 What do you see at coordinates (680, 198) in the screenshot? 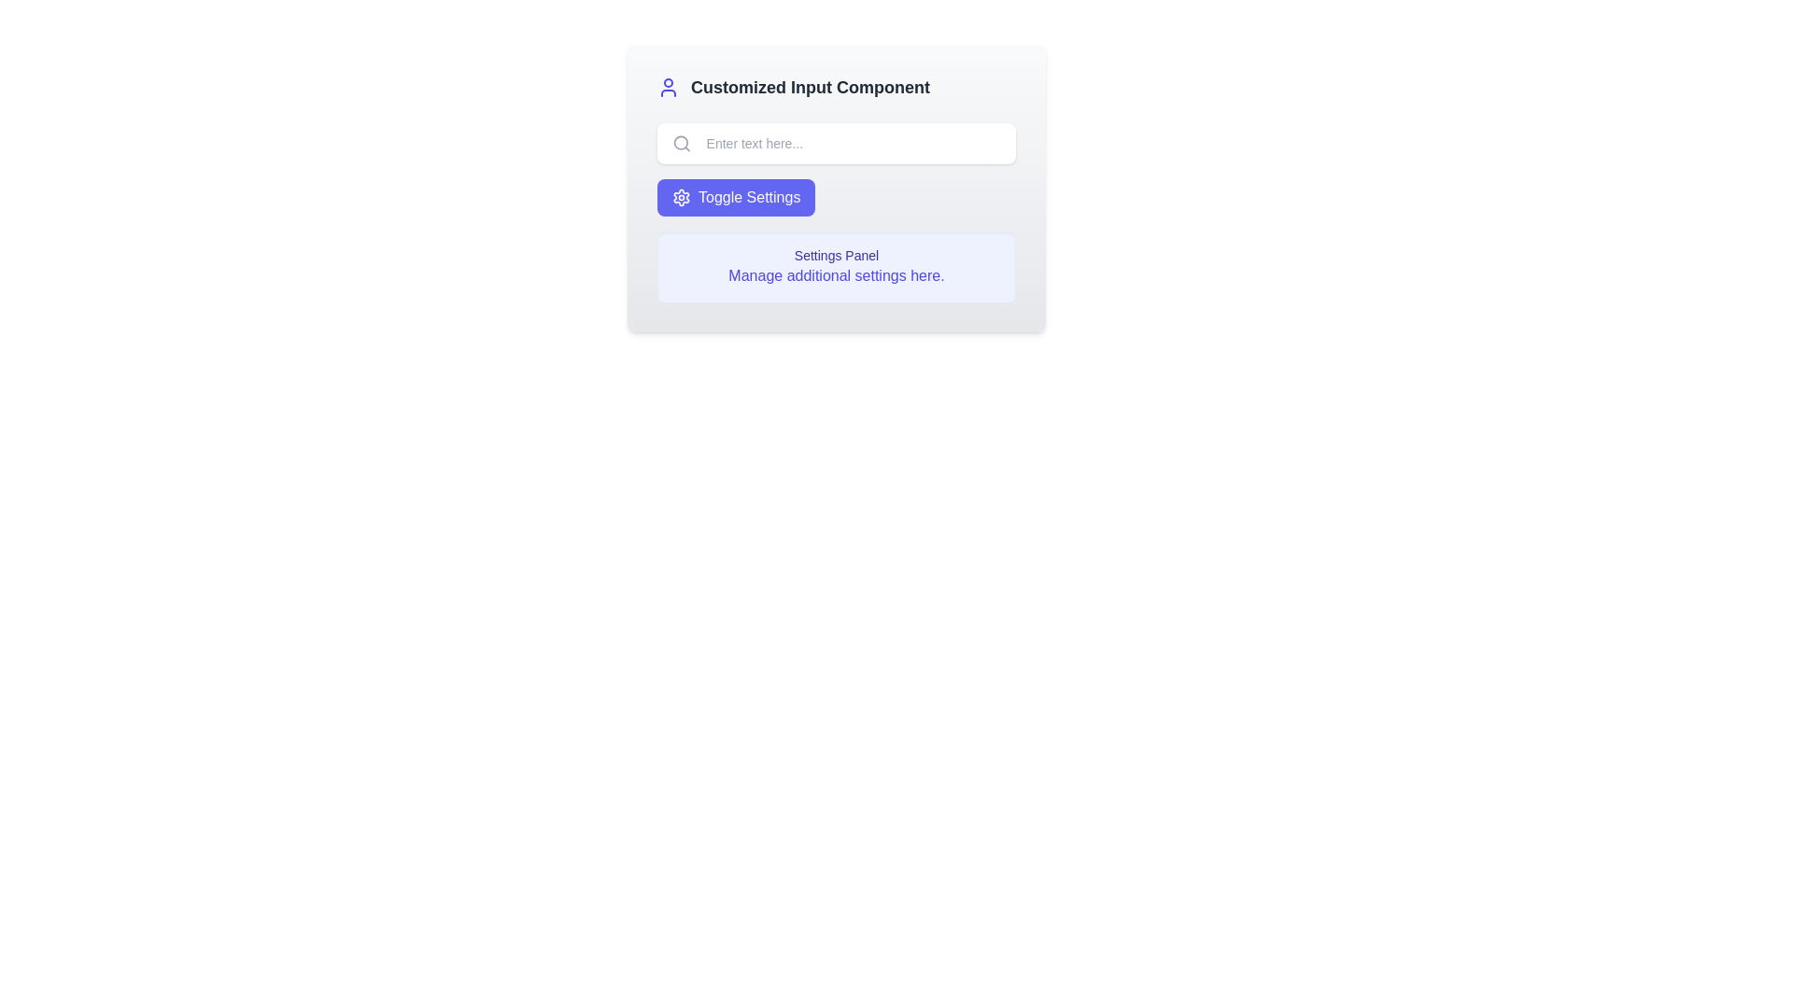
I see `the icon inside the 'Toggle Settings' button, which is positioned below the input field and above the 'Settings Panel' label` at bounding box center [680, 198].